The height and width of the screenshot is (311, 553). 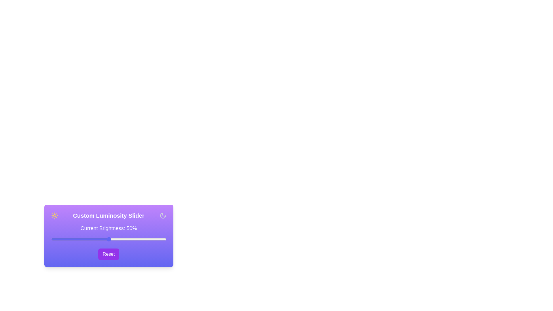 What do you see at coordinates (73, 239) in the screenshot?
I see `brightness` at bounding box center [73, 239].